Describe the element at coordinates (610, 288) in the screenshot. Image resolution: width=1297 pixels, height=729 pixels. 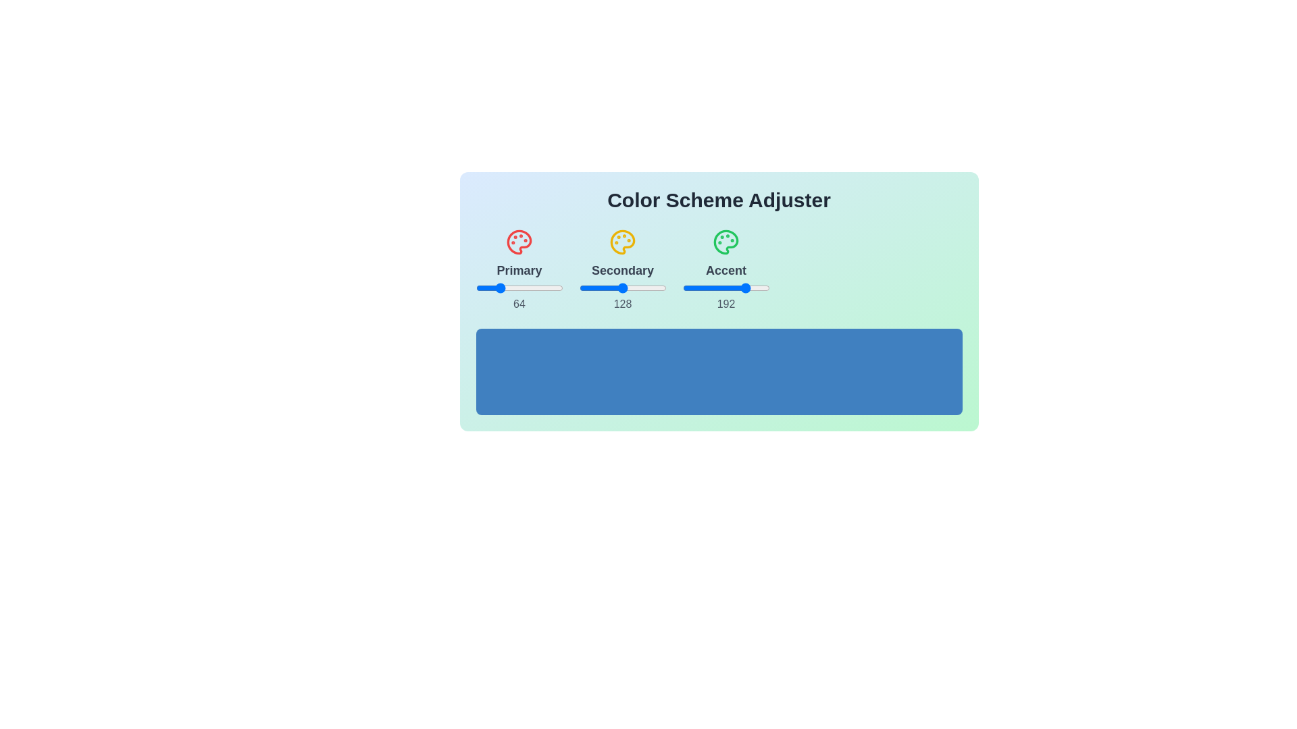
I see `the secondary slider to set its value to 92` at that location.